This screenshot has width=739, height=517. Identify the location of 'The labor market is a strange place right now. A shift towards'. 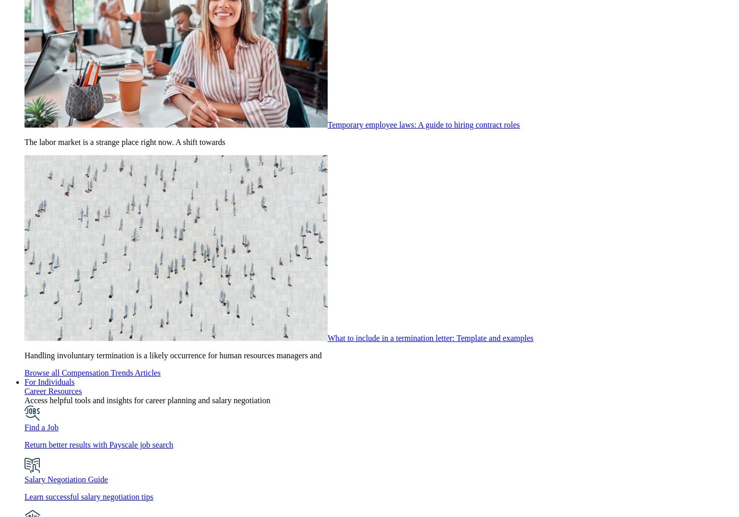
(125, 141).